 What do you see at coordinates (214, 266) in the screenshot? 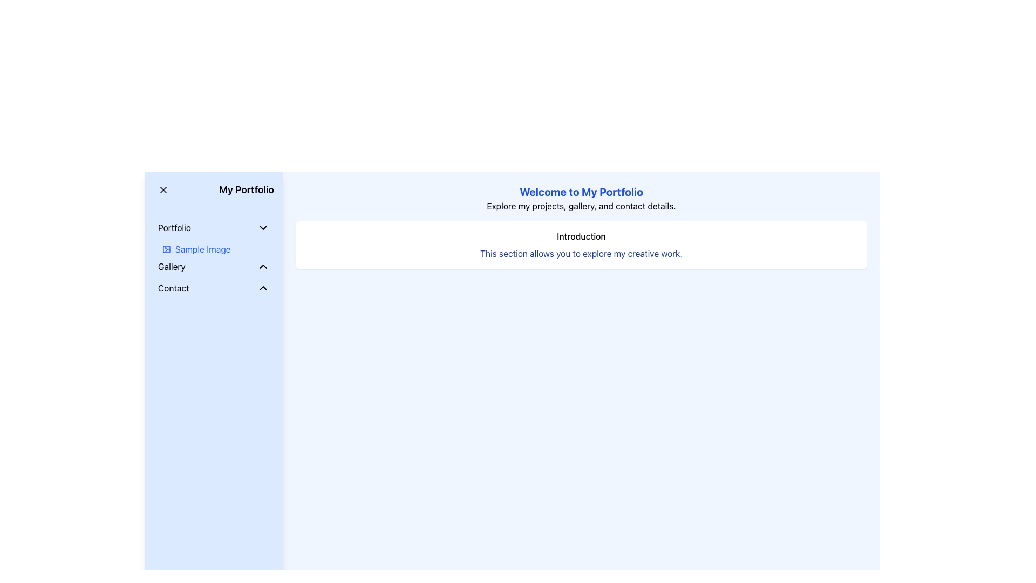
I see `the 'Gallery' interactive list item` at bounding box center [214, 266].